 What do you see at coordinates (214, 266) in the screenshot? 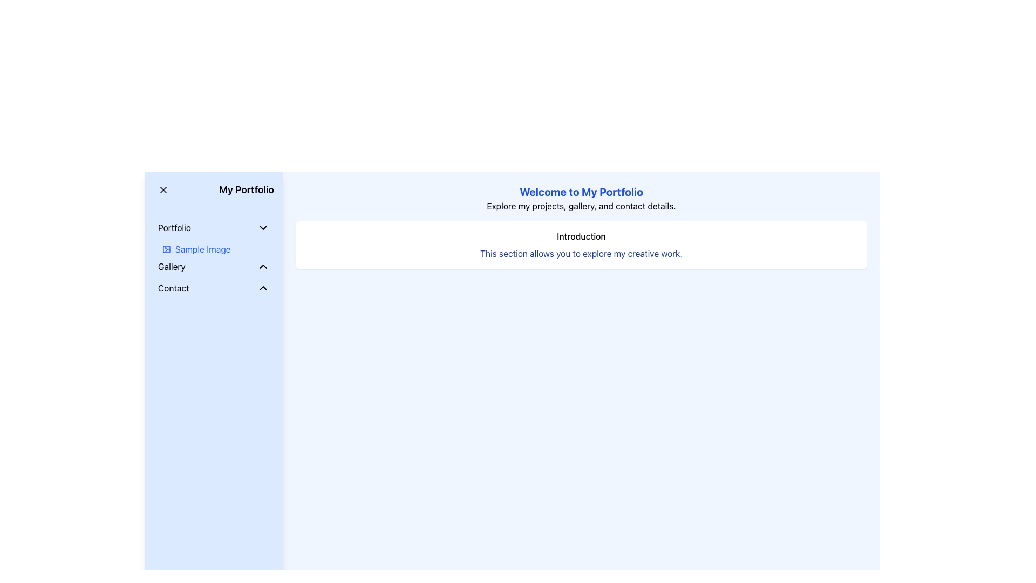
I see `the 'Gallery' interactive list item` at bounding box center [214, 266].